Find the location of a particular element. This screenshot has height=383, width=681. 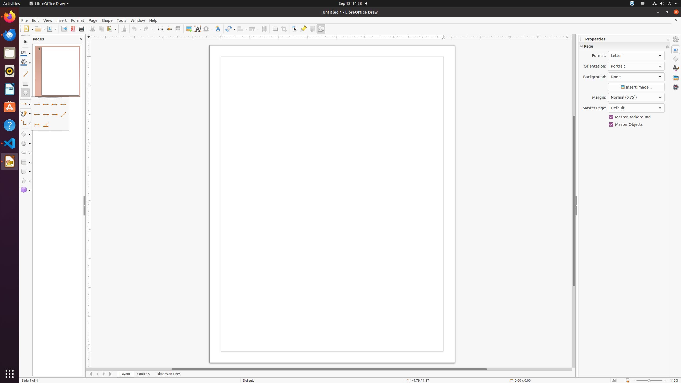

'Horizontal Ruler' is located at coordinates (329, 37).